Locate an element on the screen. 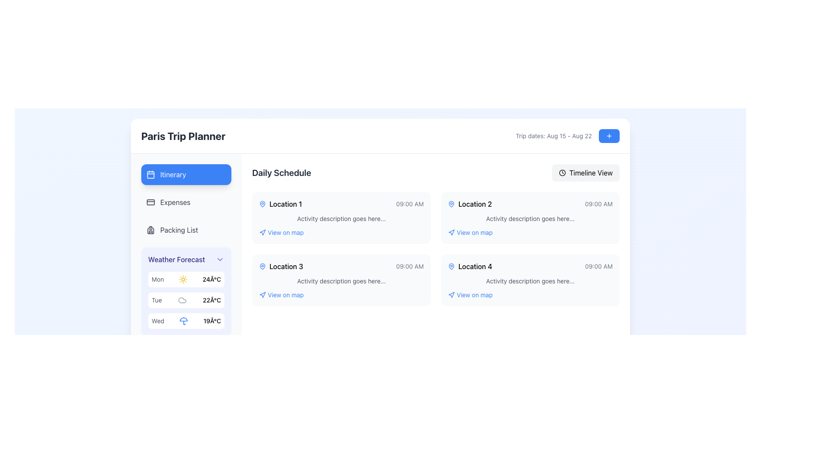  the Label with an accompanying icon that represents a scheduled location in the Daily Schedule section, specifically the third entry in the list is located at coordinates (281, 266).